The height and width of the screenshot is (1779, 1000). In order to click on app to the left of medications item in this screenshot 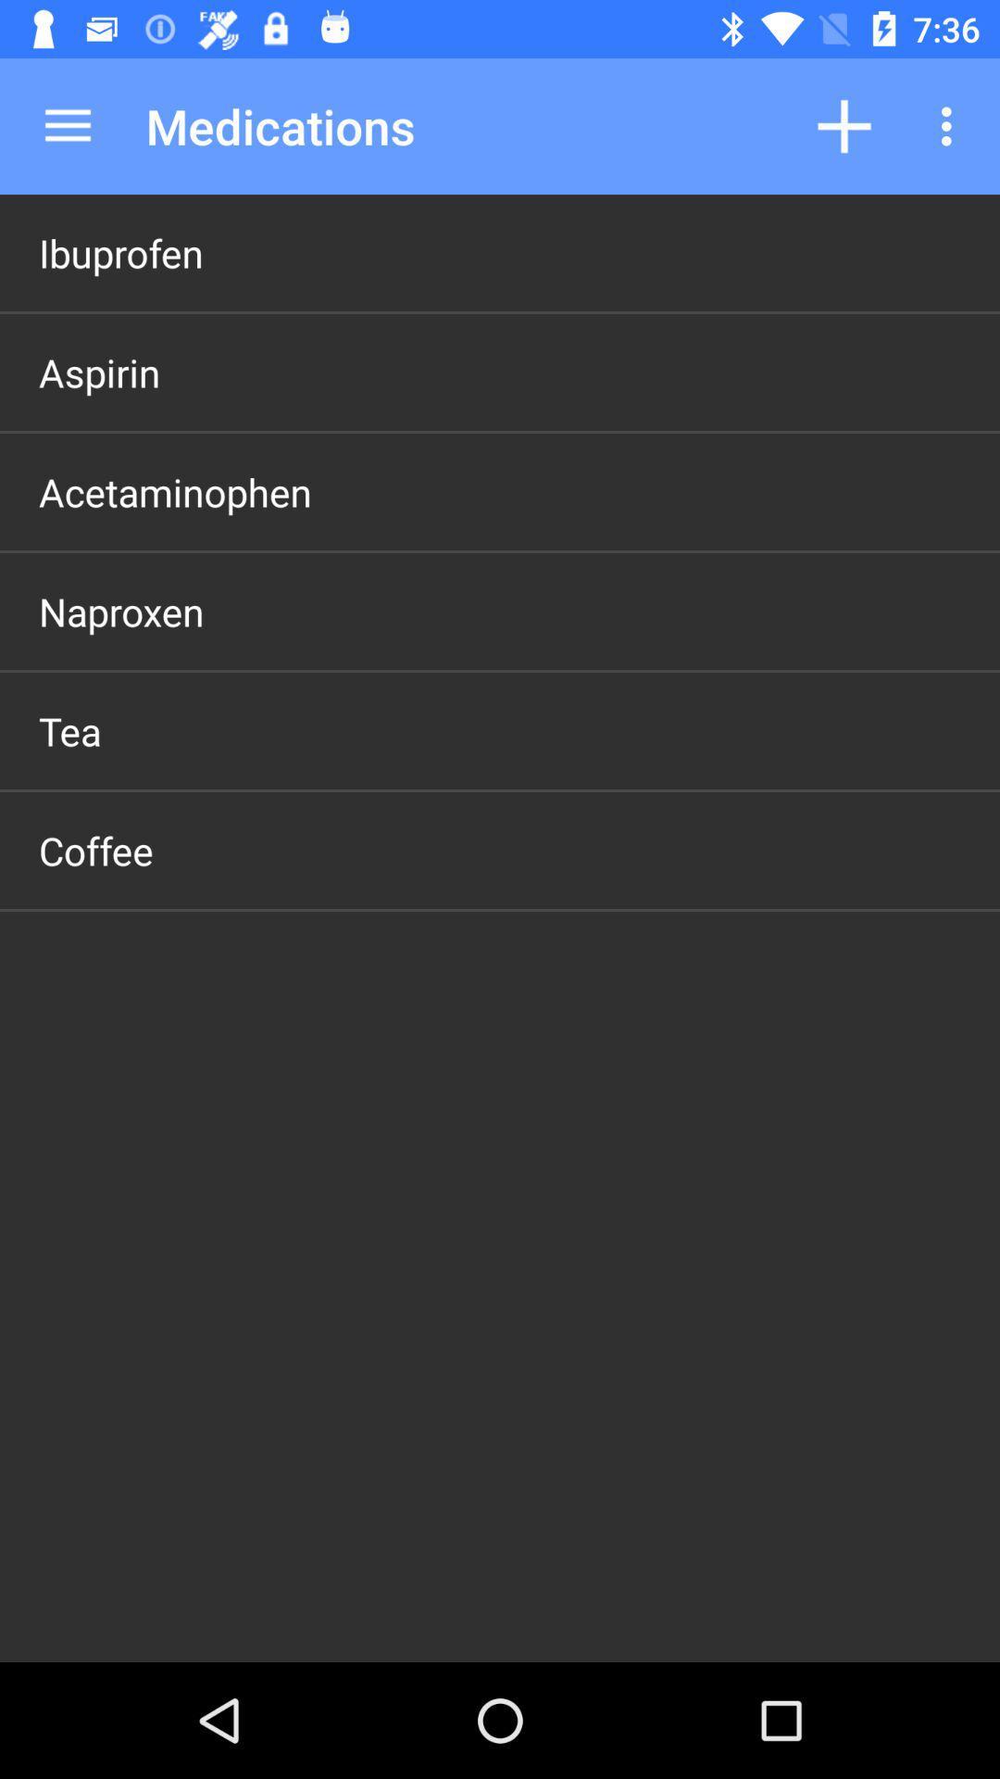, I will do `click(67, 125)`.